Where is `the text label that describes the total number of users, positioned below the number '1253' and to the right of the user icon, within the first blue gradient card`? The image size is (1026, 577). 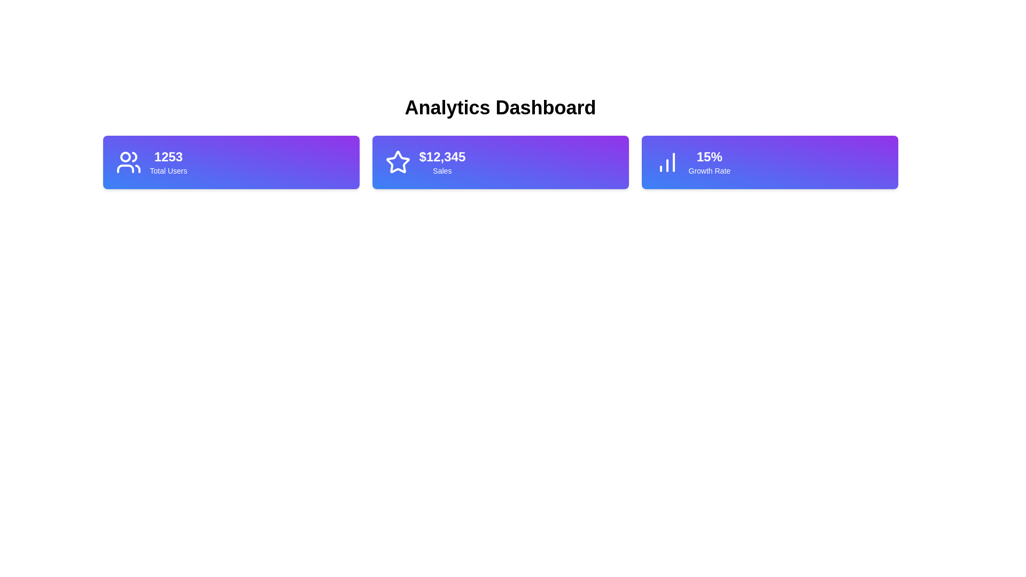 the text label that describes the total number of users, positioned below the number '1253' and to the right of the user icon, within the first blue gradient card is located at coordinates (168, 170).